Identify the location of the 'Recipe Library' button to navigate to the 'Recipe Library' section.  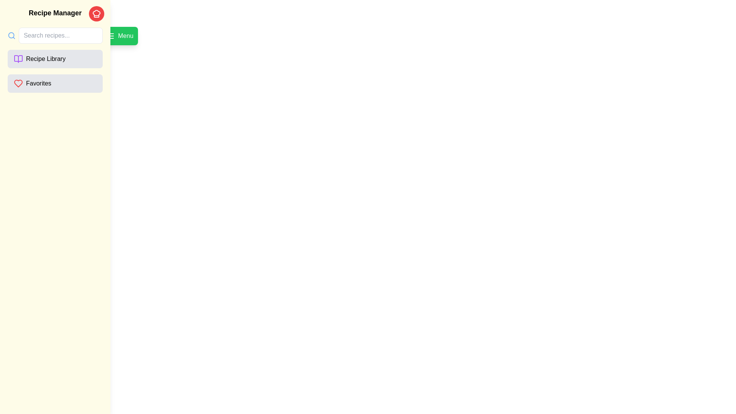
(55, 59).